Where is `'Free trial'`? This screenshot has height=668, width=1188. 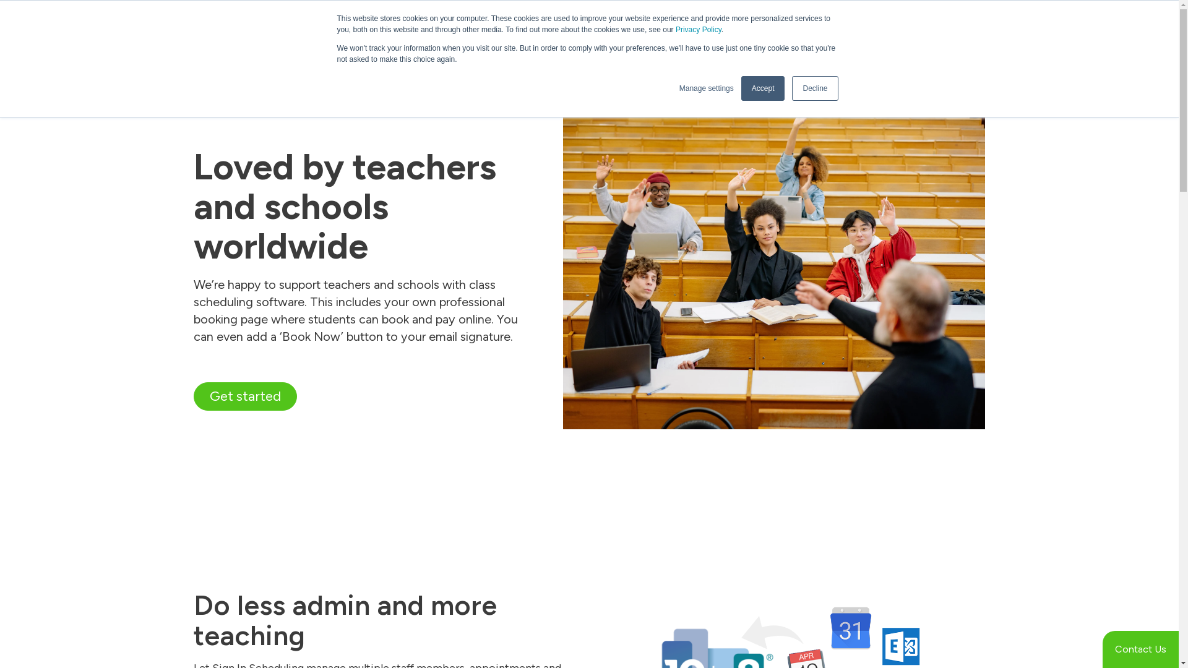 'Free trial' is located at coordinates (947, 53).